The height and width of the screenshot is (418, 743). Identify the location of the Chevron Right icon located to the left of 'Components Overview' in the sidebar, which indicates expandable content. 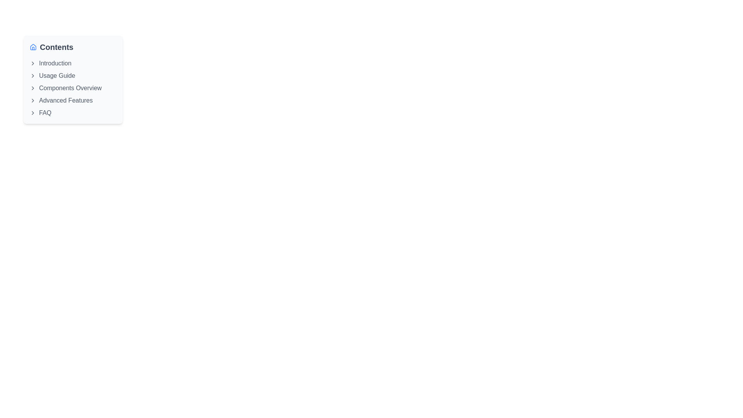
(33, 87).